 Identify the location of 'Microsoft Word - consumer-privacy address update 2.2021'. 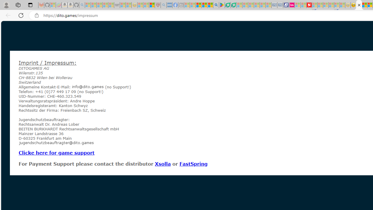
(233, 5).